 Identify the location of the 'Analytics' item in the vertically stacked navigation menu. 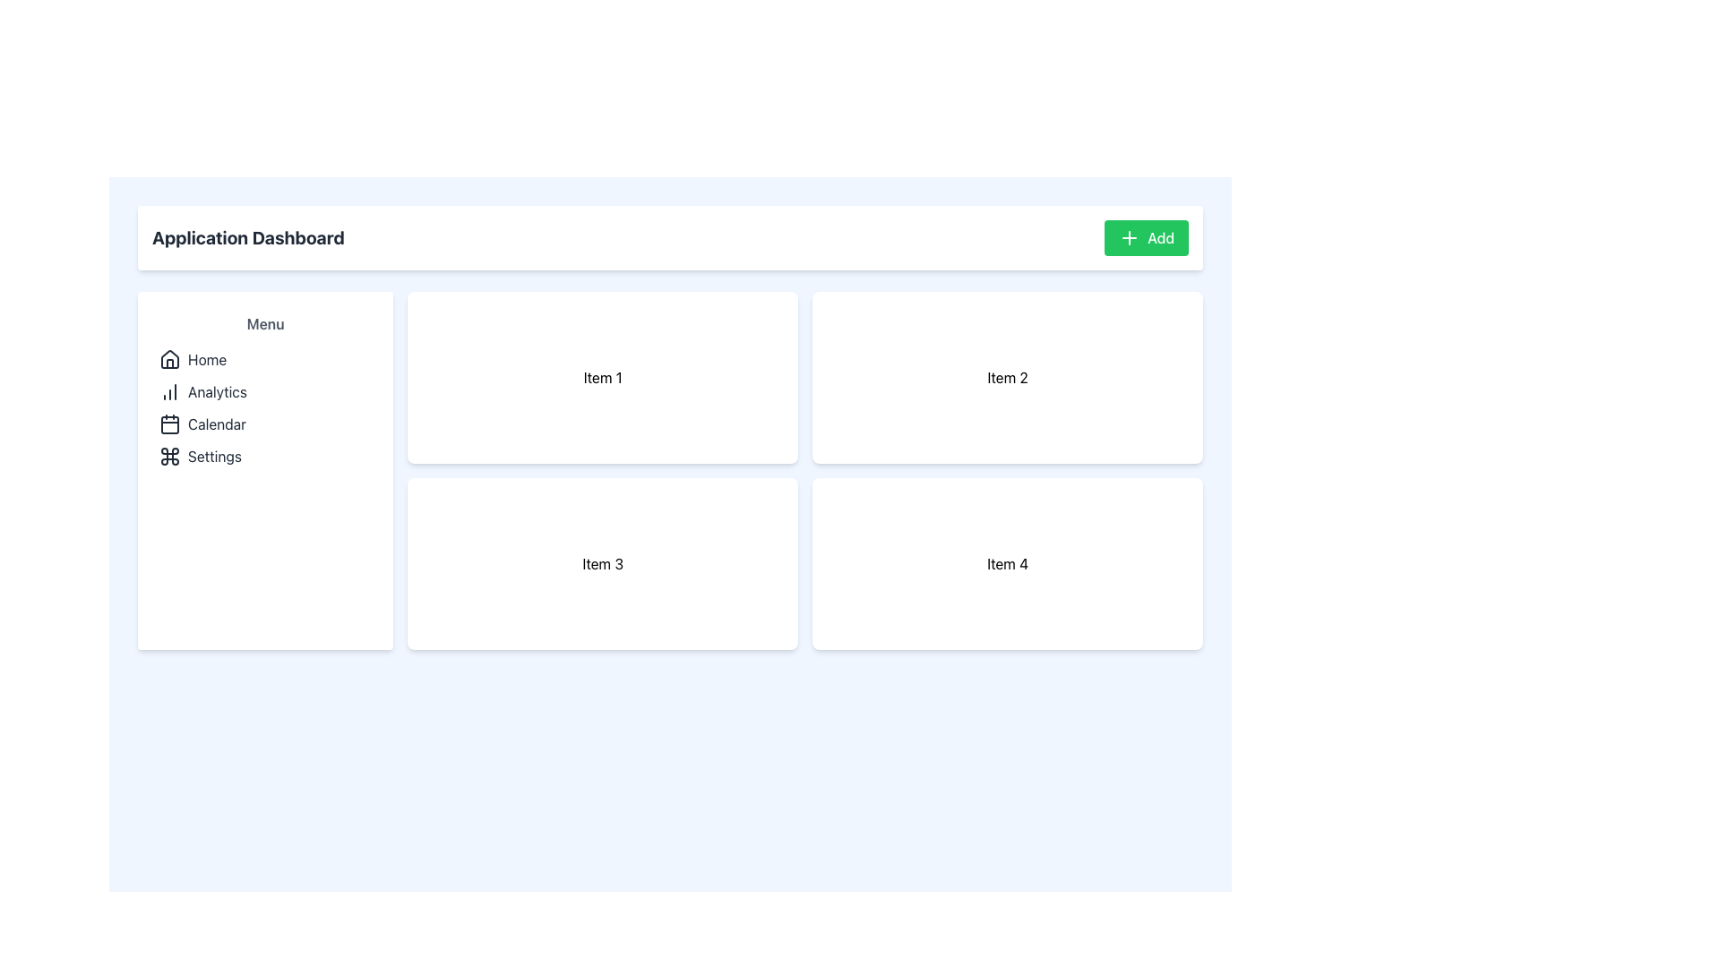
(264, 407).